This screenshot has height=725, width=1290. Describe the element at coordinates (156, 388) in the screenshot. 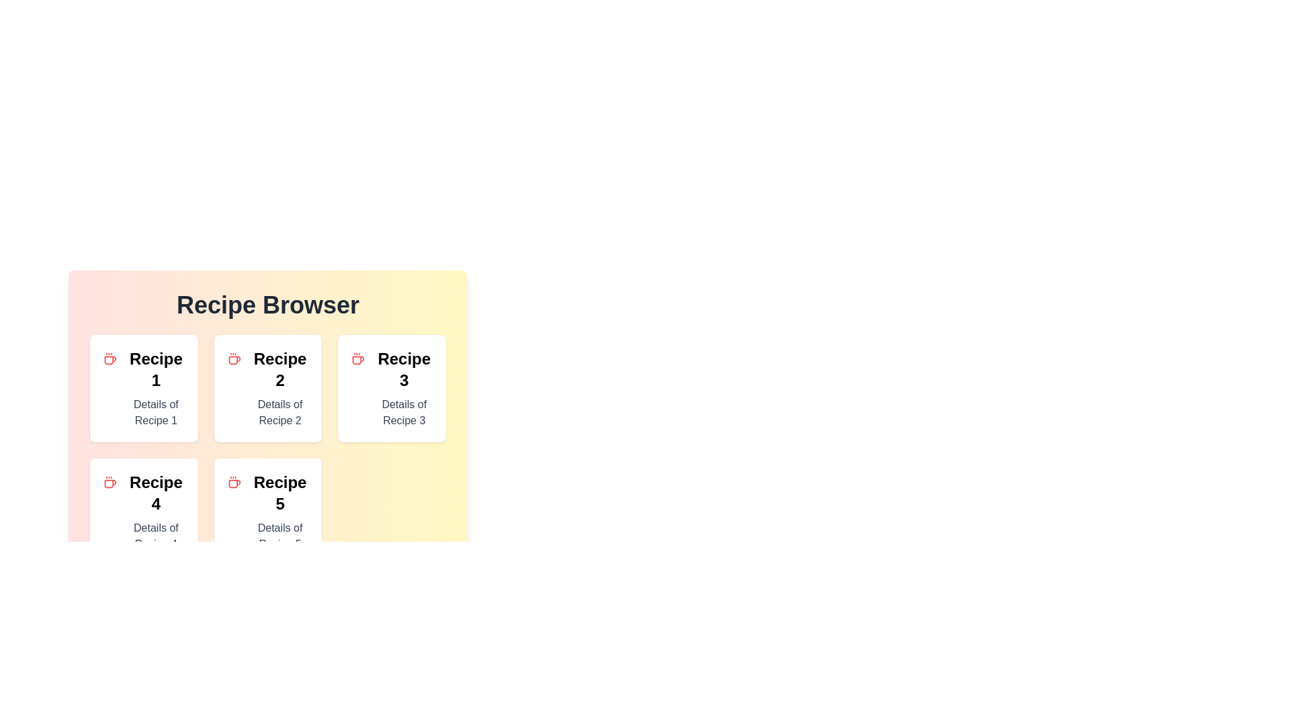

I see `the text display element labeled 'Recipe 1' with description 'Details of Recipe 1', located in the top-left corner of the grid layout in the 'Recipe Browser' interface` at that location.